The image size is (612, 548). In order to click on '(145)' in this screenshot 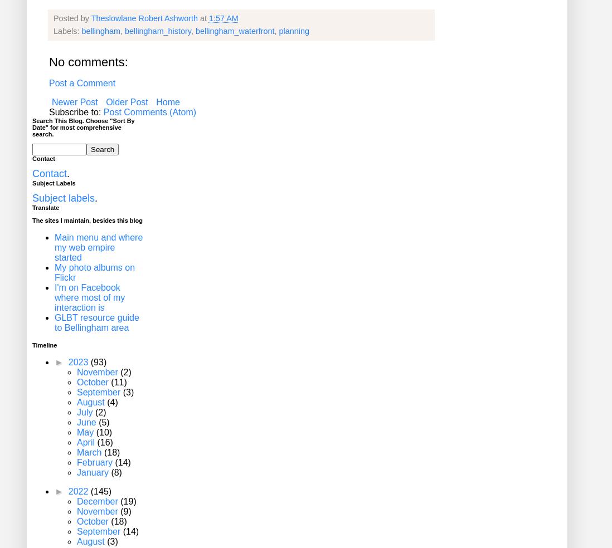, I will do `click(100, 491)`.